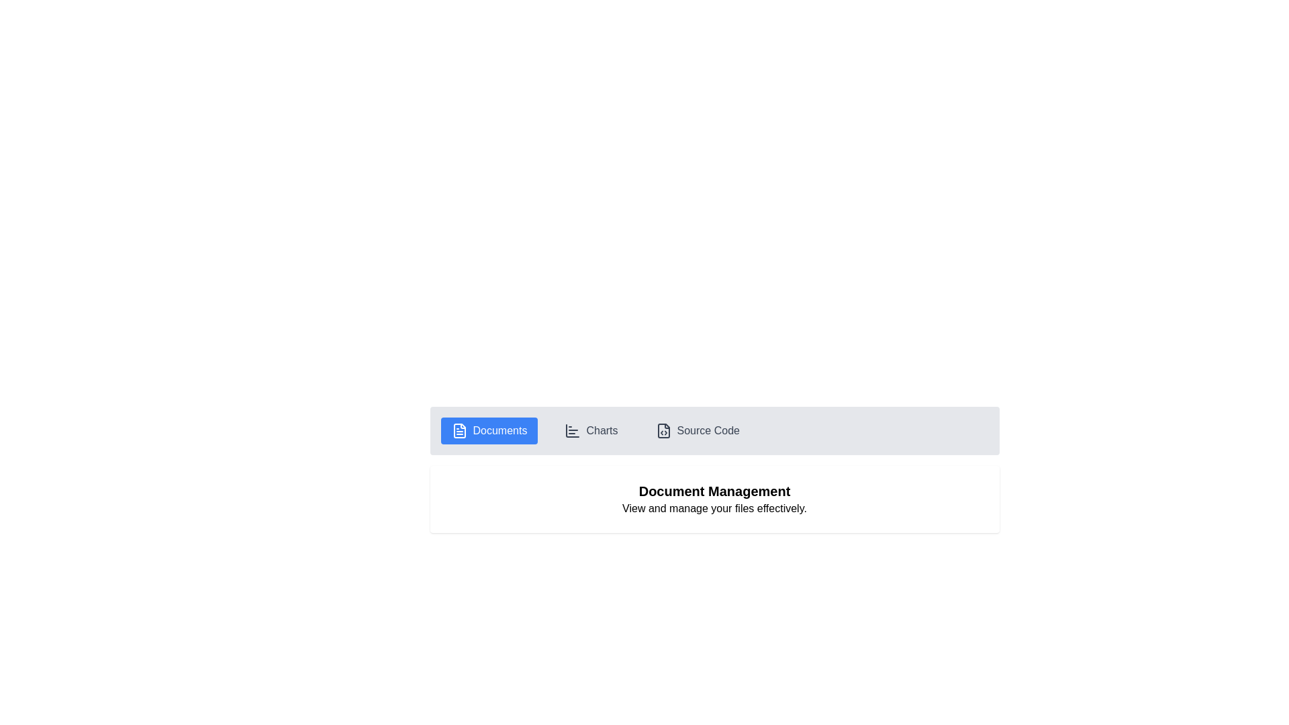  I want to click on the document icon with a blue background and white lines, located on the left side of the 'Documents' button, so click(459, 430).